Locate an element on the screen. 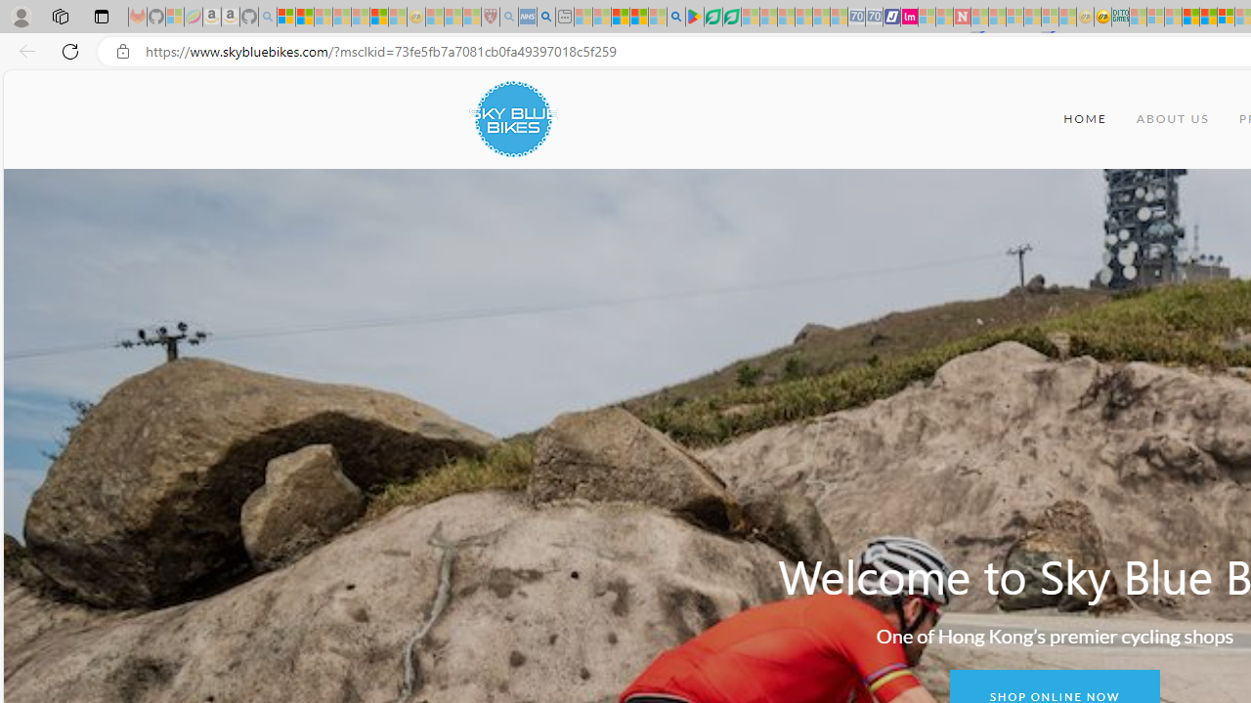 Image resolution: width=1251 pixels, height=703 pixels. 'NCL Adult Asthma Inhaler Choice Guideline - Sleeping' is located at coordinates (528, 17).